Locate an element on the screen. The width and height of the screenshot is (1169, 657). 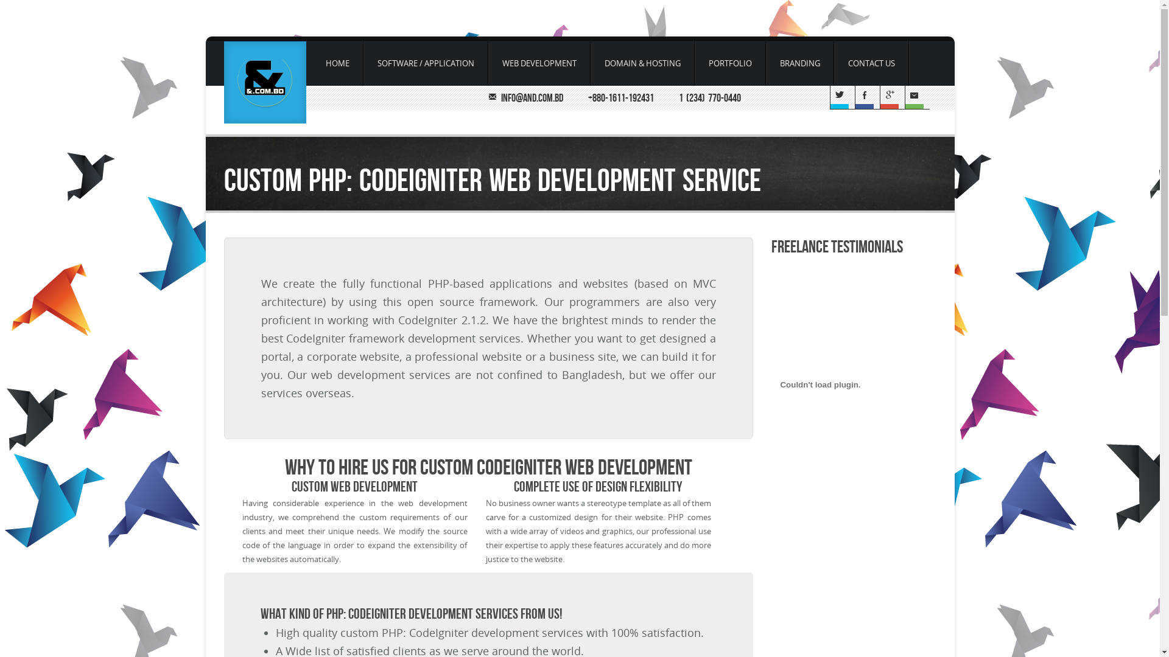
'DOMAIN & HOSTING' is located at coordinates (642, 63).